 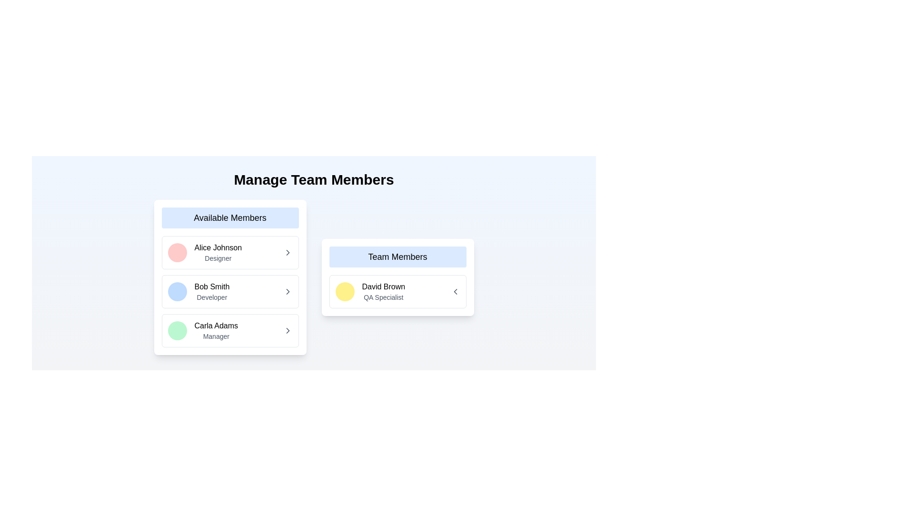 What do you see at coordinates (177, 252) in the screenshot?
I see `the Avatar Placeholder representing 'Alice Johnson', which is the leftmost component in the row containing 'Alice Johnson' and 'Designer', located in the 'Available Members' column` at bounding box center [177, 252].